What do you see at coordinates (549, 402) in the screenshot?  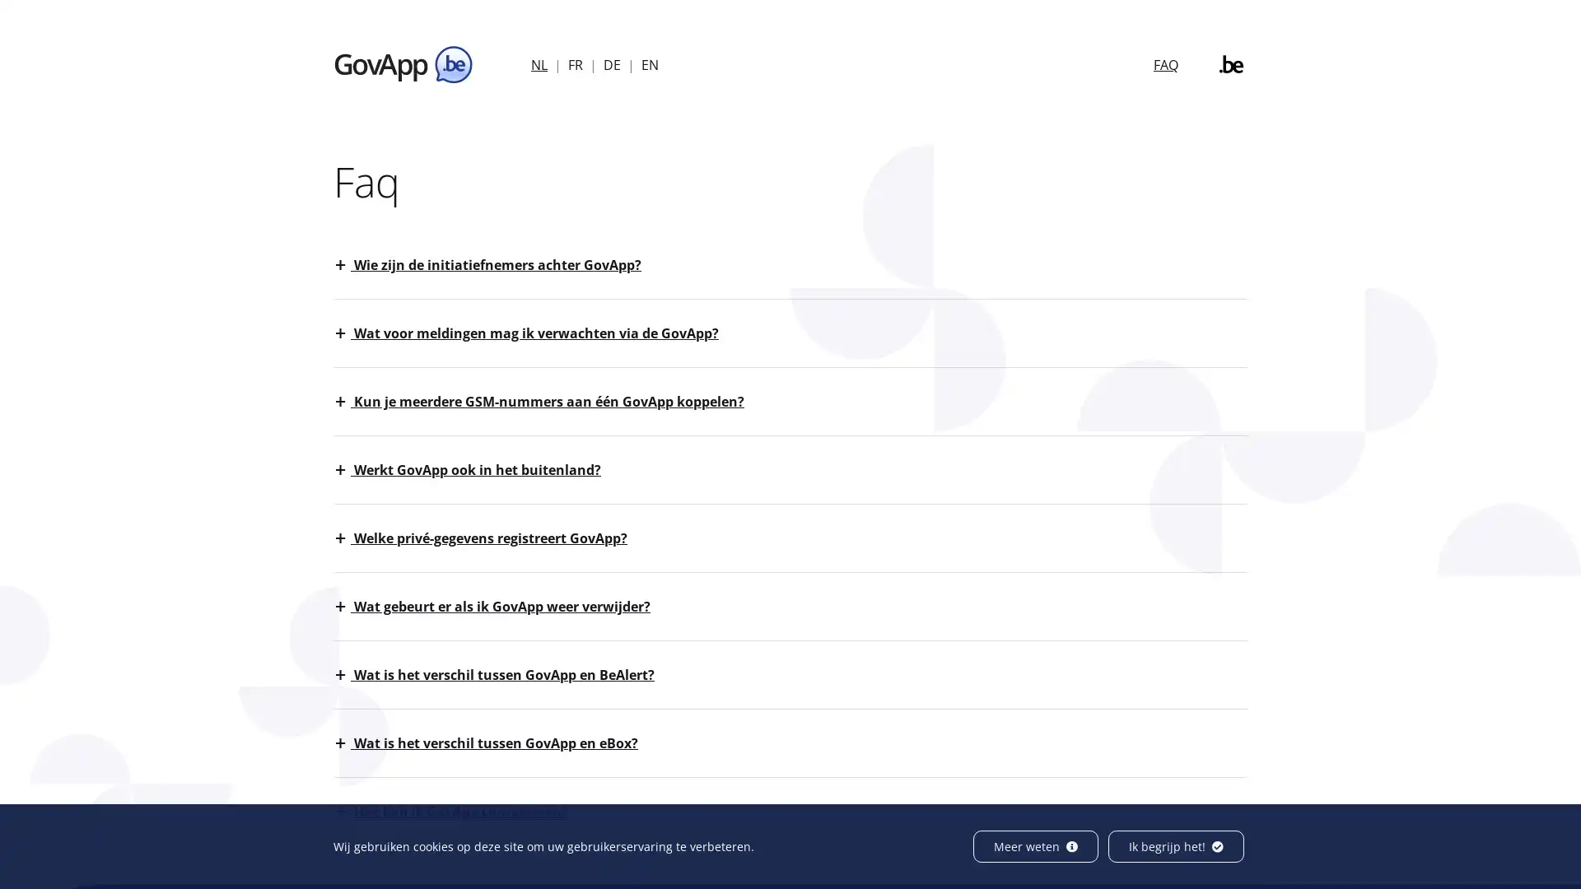 I see `+ Kun je meerdere GSM-nummers aan een GovApp koppelen?` at bounding box center [549, 402].